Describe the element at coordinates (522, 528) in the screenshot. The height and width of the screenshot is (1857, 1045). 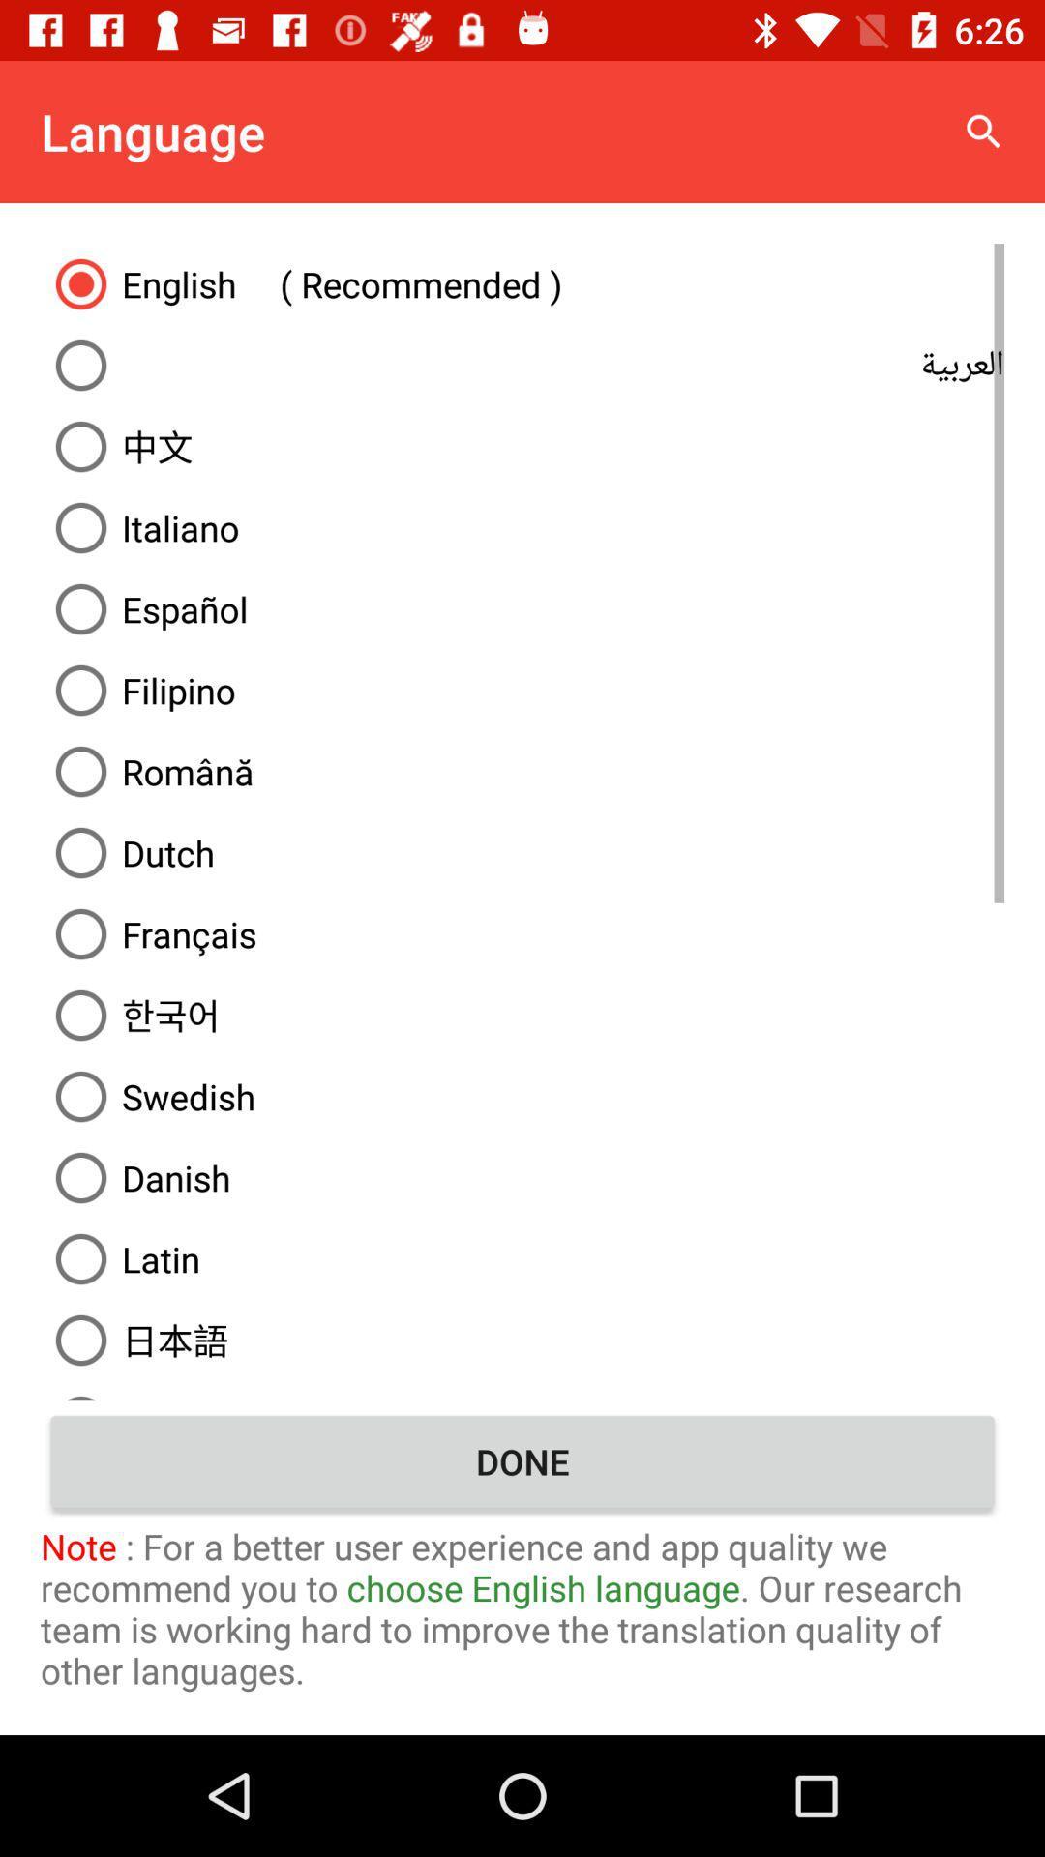
I see `the italiano icon` at that location.